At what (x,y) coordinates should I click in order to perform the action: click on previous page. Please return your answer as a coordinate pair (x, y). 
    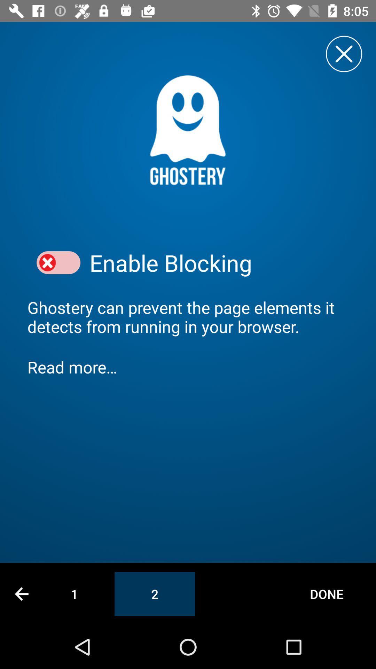
    Looking at the image, I should click on (21, 593).